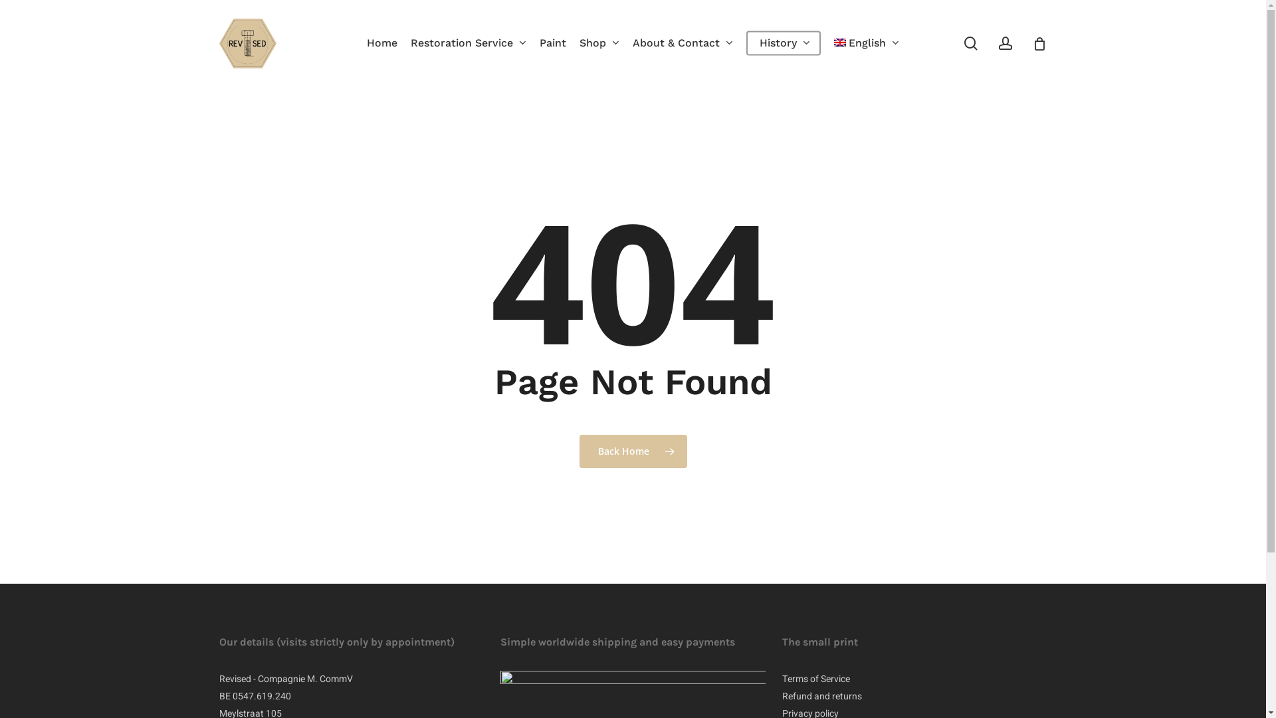 This screenshot has width=1276, height=718. I want to click on 'Restoration Service', so click(469, 43).